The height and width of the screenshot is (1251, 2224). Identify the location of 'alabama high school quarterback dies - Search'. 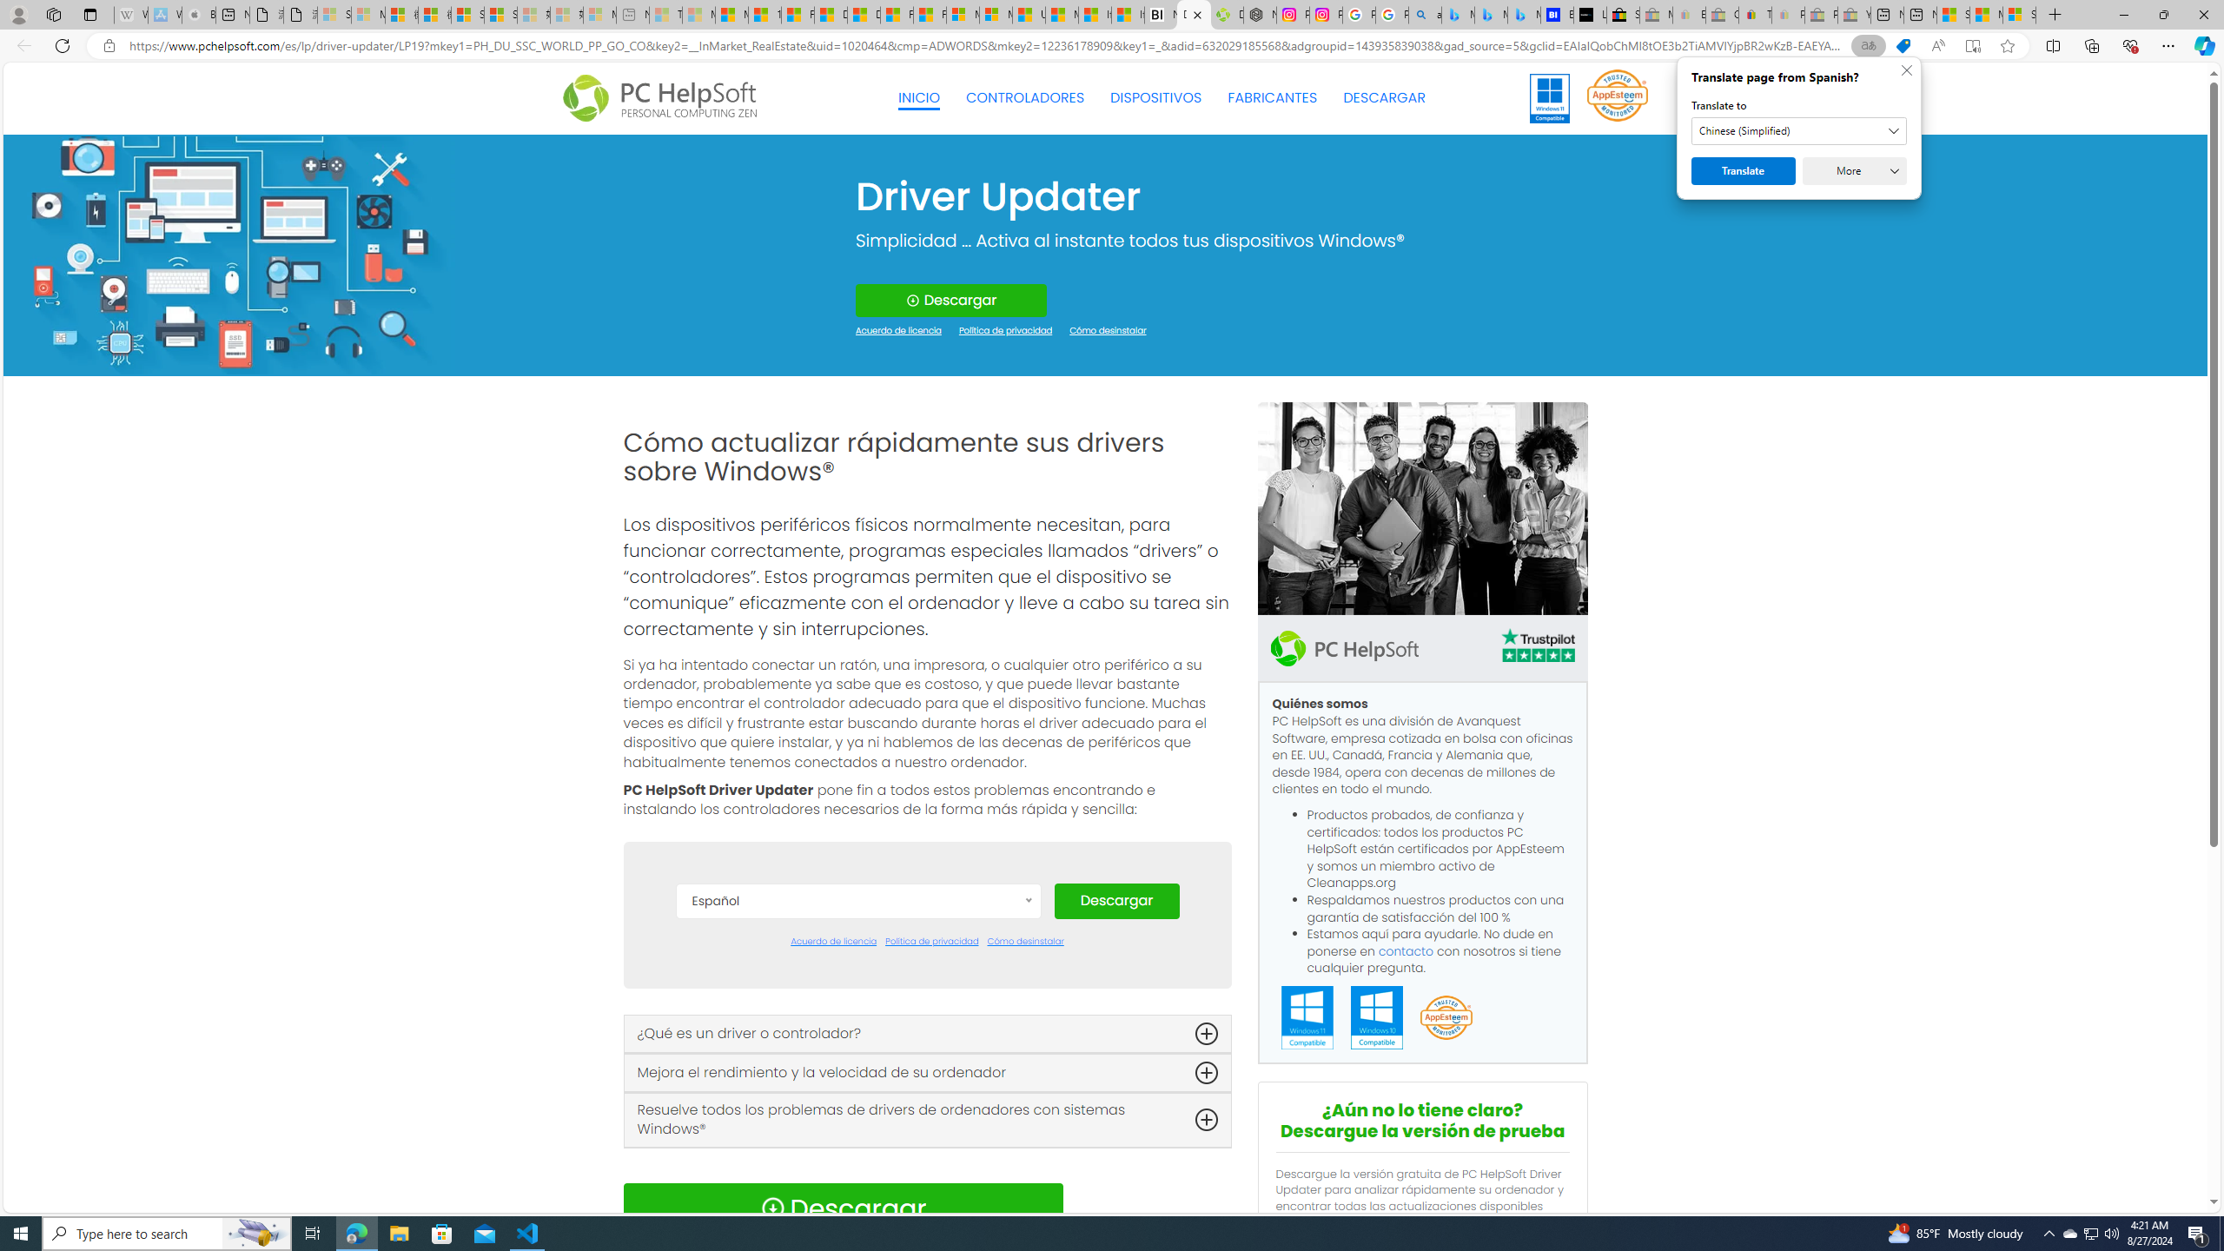
(1424, 14).